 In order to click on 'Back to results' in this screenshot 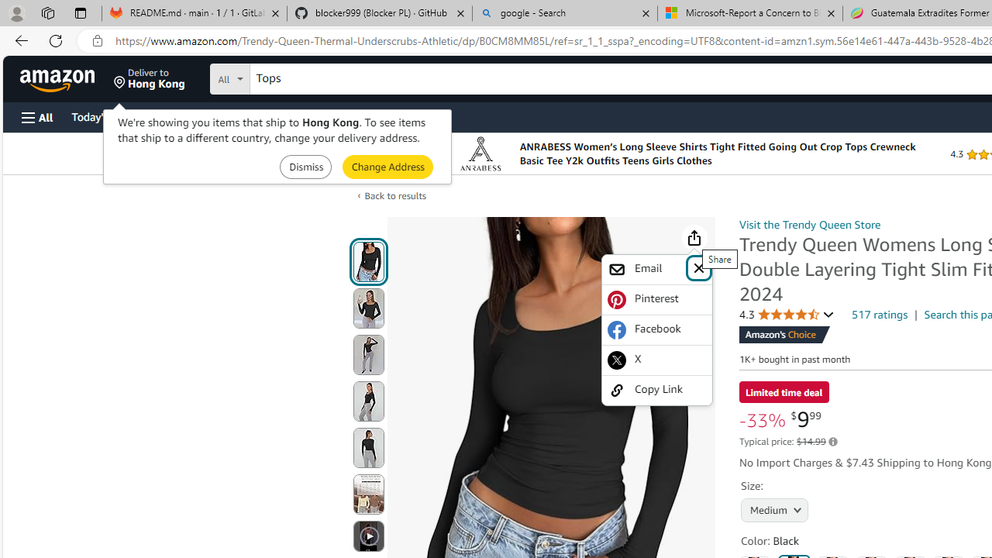, I will do `click(395, 195)`.